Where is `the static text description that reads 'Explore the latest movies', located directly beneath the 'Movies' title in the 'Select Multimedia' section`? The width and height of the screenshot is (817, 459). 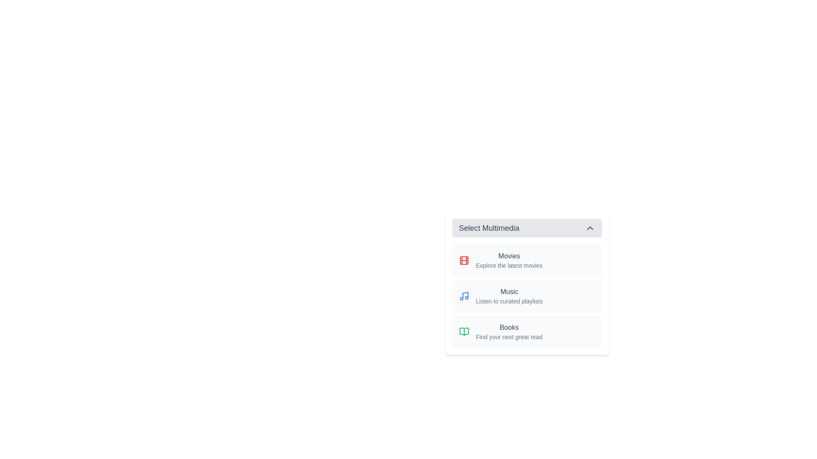
the static text description that reads 'Explore the latest movies', located directly beneath the 'Movies' title in the 'Select Multimedia' section is located at coordinates (509, 265).